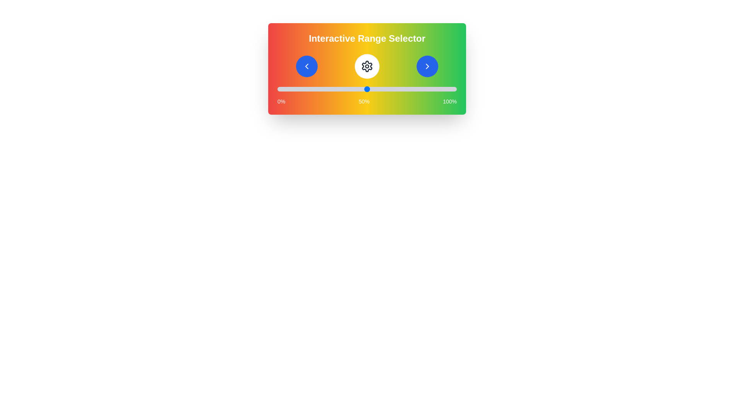  I want to click on the slider to set the value to 32, so click(335, 89).